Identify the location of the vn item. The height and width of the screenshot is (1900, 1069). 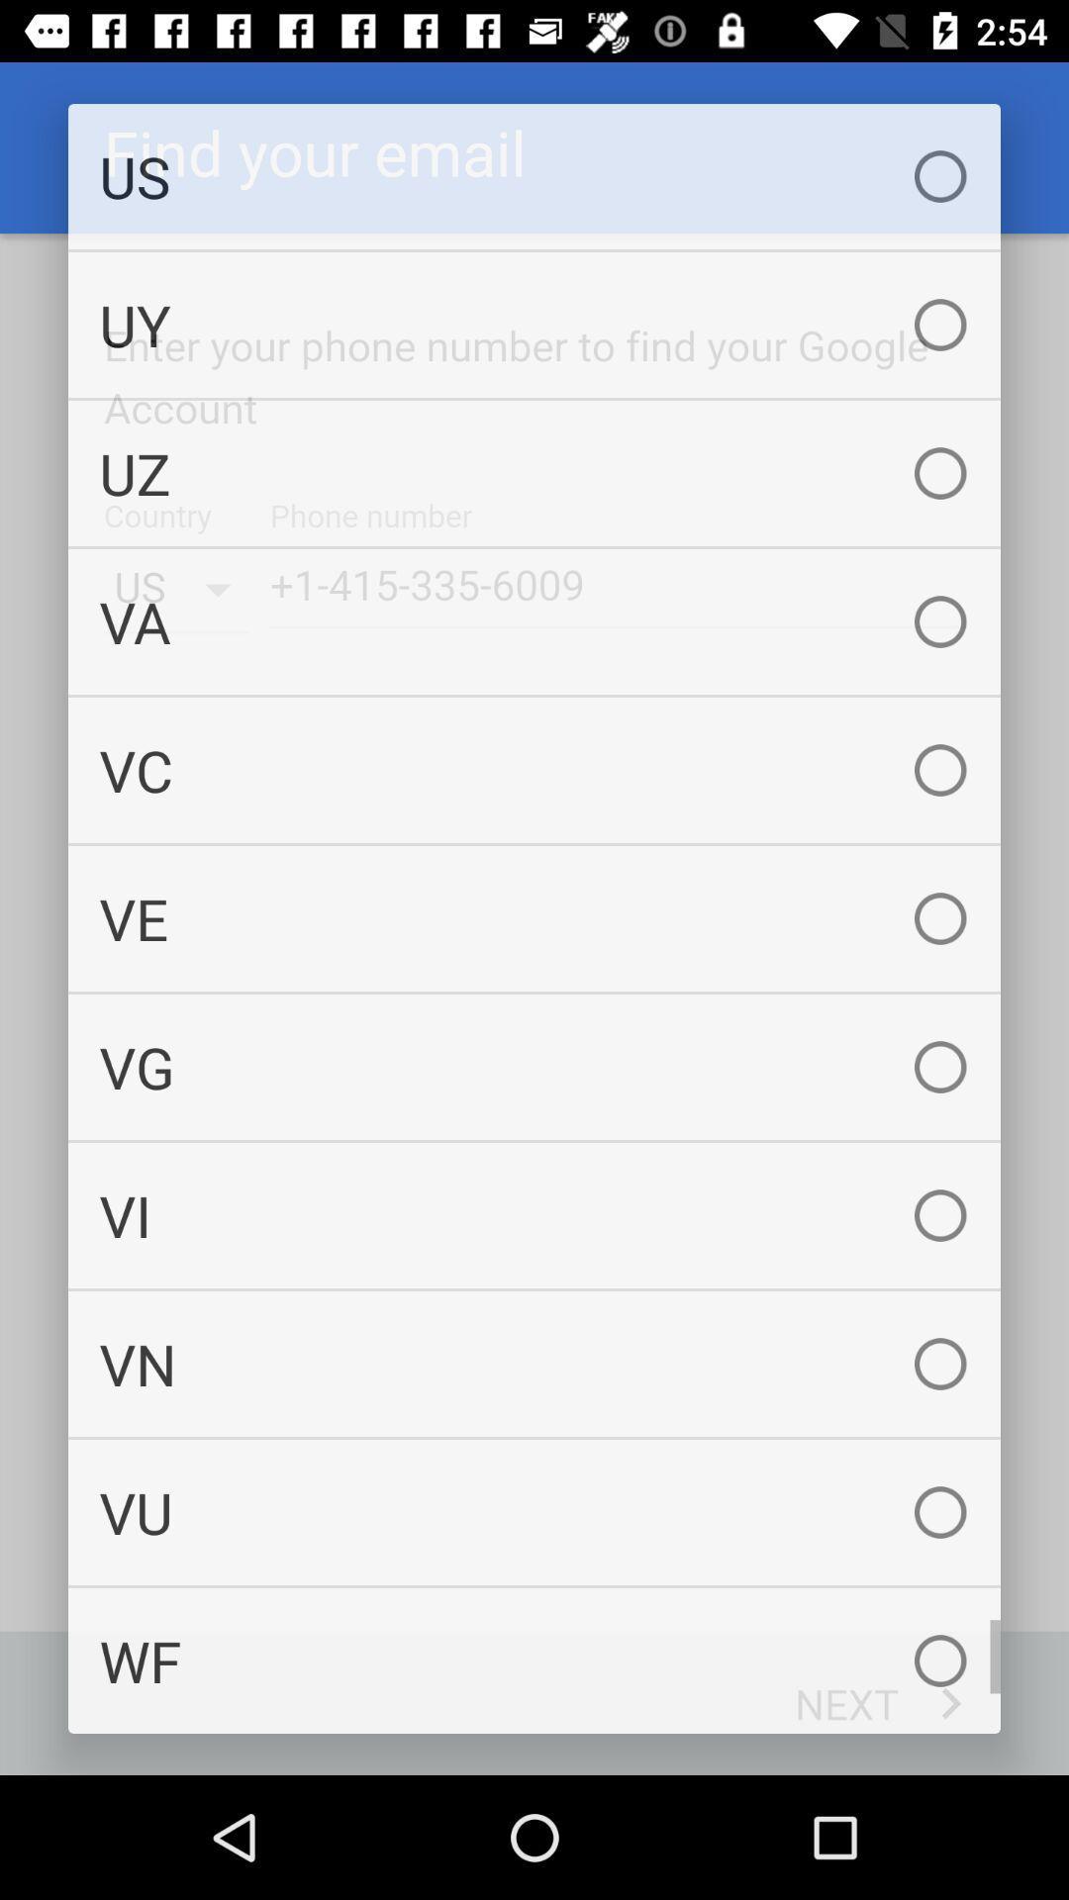
(534, 1363).